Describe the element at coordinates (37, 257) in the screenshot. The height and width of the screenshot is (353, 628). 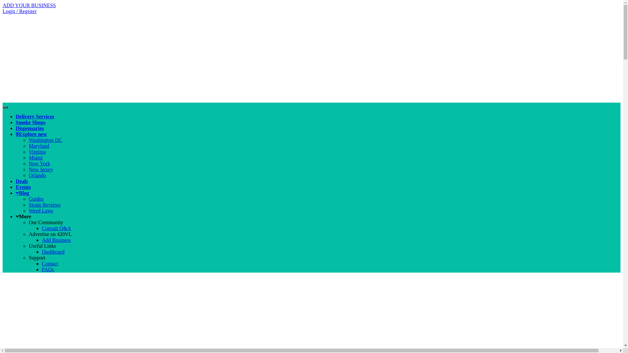
I see `'Support'` at that location.